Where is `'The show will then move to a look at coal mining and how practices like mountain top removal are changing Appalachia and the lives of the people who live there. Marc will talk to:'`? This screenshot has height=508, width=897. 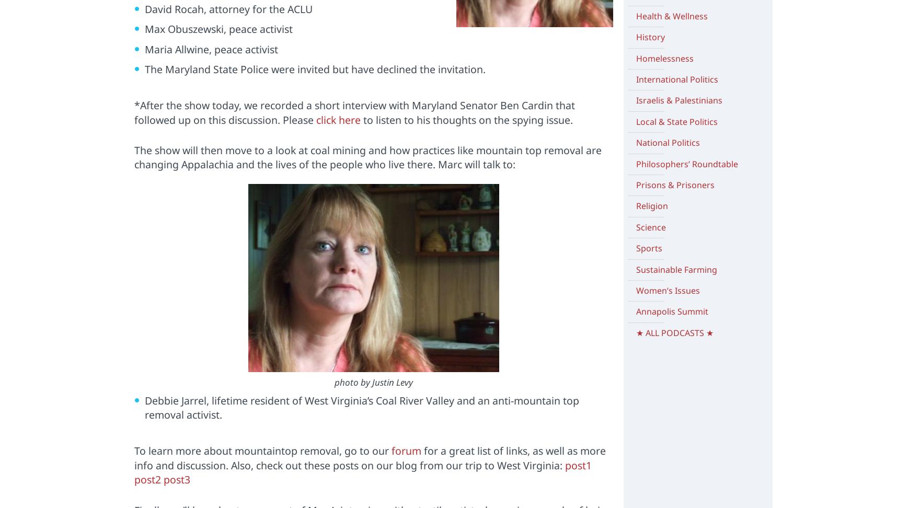
'The show will then move to a look at coal mining and how practices like mountain top removal are changing Appalachia and the lives of the people who live there. Marc will talk to:' is located at coordinates (367, 157).